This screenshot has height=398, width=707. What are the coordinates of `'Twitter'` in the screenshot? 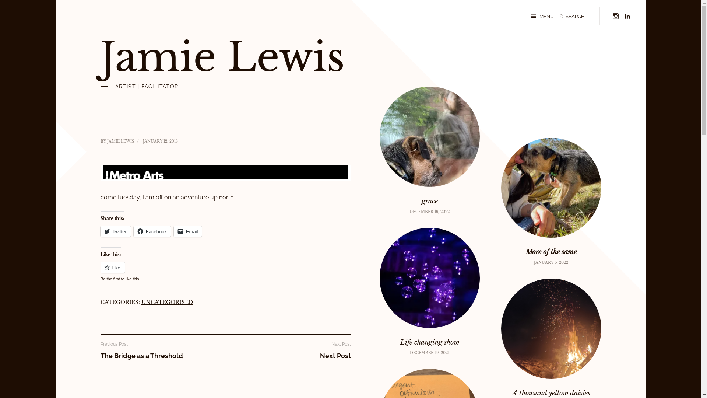 It's located at (115, 231).